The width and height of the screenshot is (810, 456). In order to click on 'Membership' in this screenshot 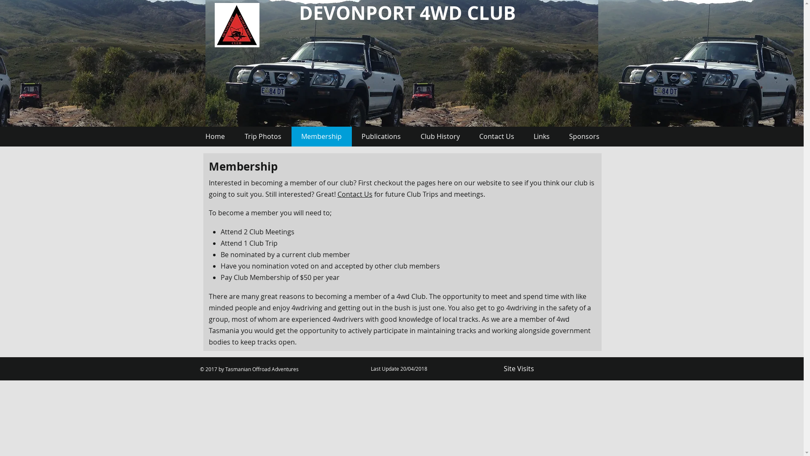, I will do `click(321, 136)`.